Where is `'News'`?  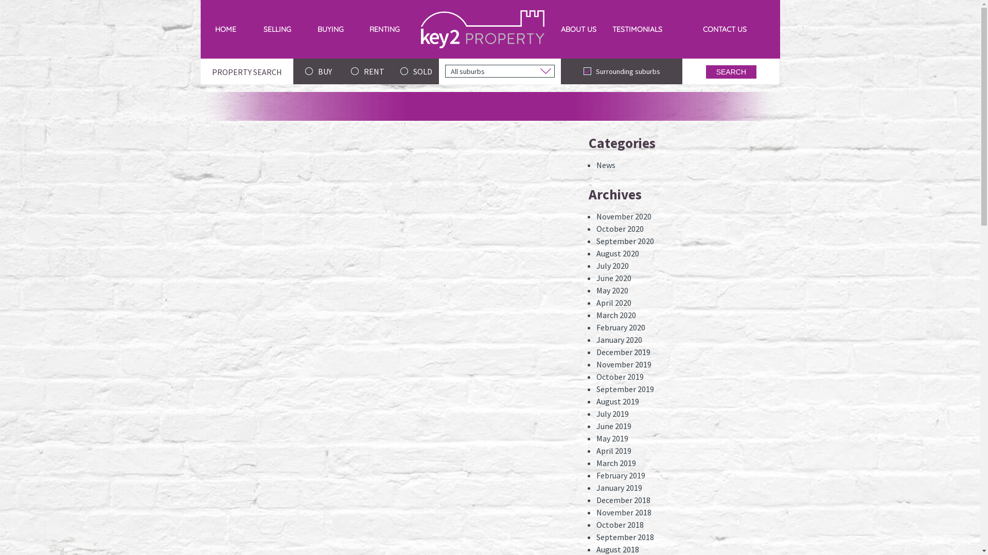 'News' is located at coordinates (606, 164).